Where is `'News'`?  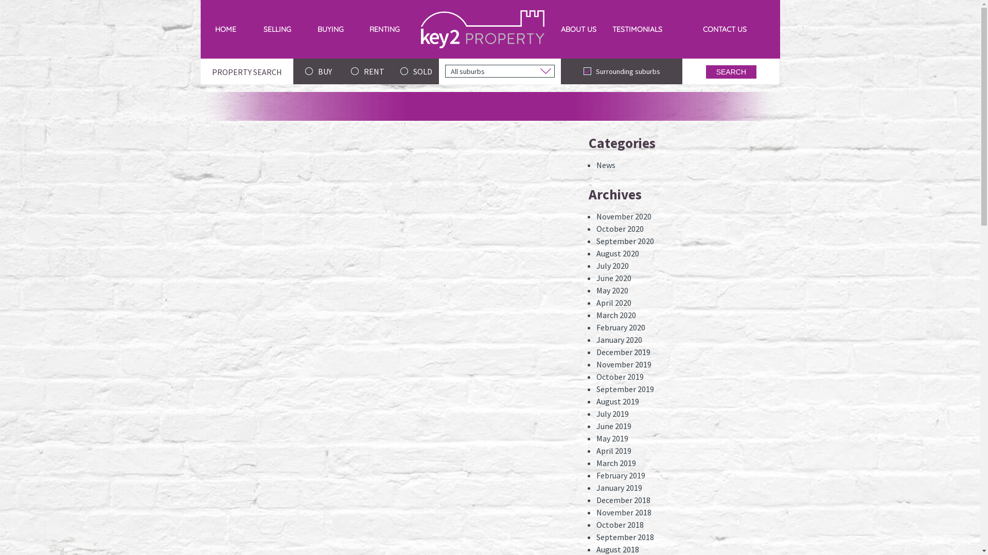 'News' is located at coordinates (606, 164).